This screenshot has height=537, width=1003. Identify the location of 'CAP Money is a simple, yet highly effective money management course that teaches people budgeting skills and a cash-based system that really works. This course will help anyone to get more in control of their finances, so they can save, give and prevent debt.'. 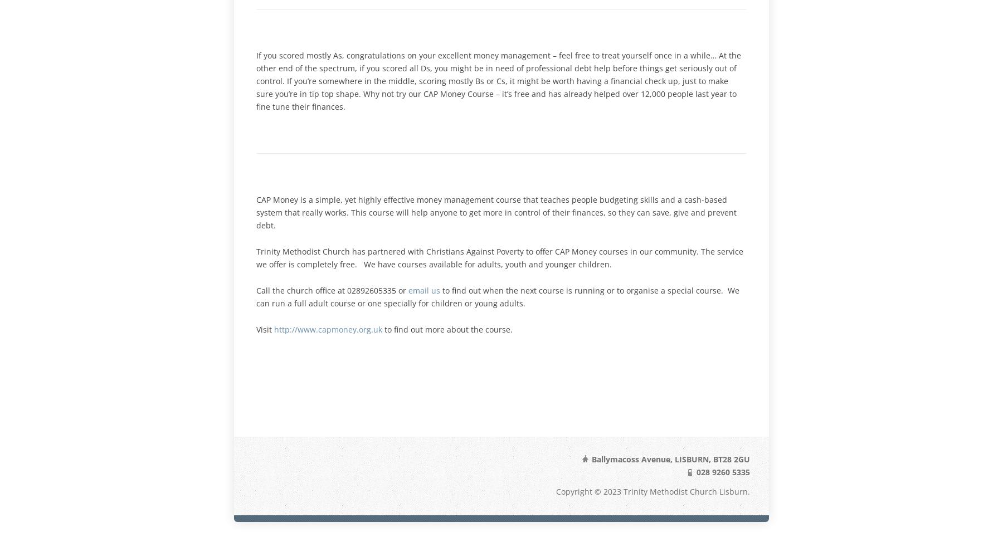
(496, 212).